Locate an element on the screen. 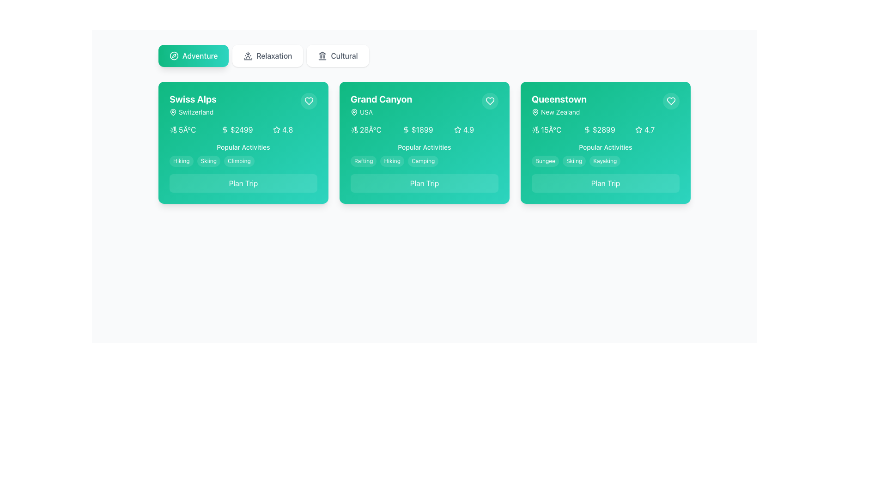  the Tag Group located in the lower section of the 'Queenstown' card under the 'Popular Activities' label is located at coordinates (605, 154).